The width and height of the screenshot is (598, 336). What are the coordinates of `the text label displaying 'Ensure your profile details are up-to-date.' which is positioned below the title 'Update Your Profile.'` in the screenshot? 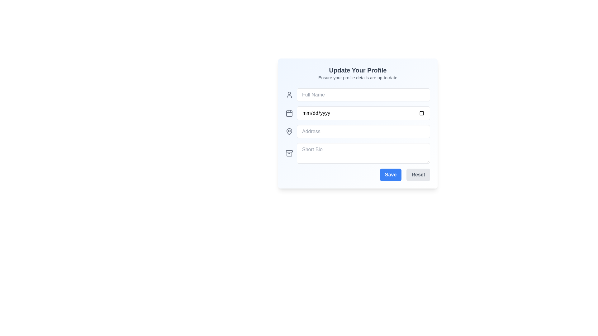 It's located at (358, 77).